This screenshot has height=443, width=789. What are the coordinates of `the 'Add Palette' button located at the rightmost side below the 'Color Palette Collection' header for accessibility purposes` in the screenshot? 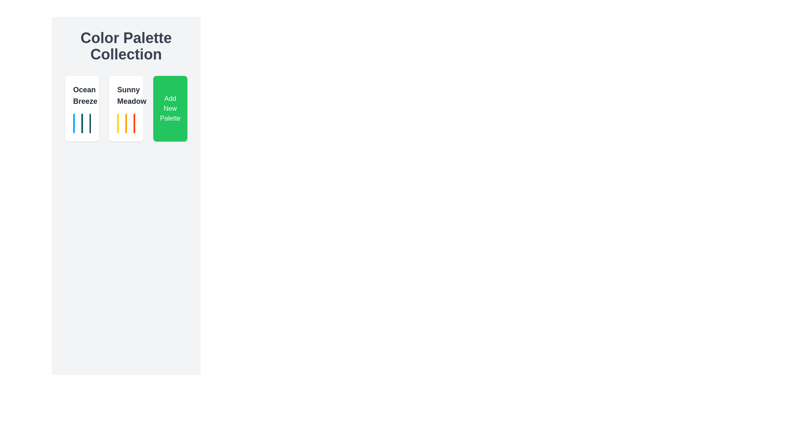 It's located at (170, 108).